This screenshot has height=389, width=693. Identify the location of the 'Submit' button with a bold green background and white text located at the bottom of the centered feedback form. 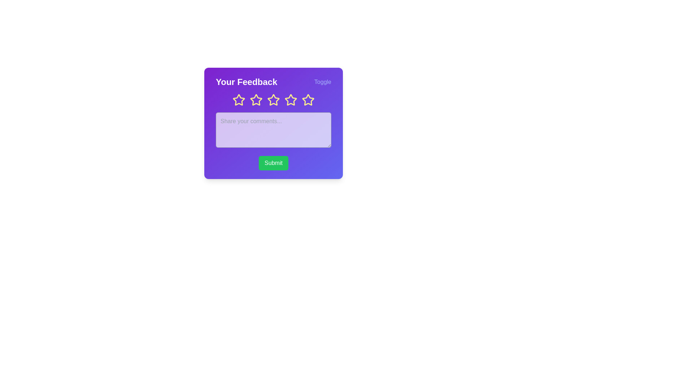
(273, 163).